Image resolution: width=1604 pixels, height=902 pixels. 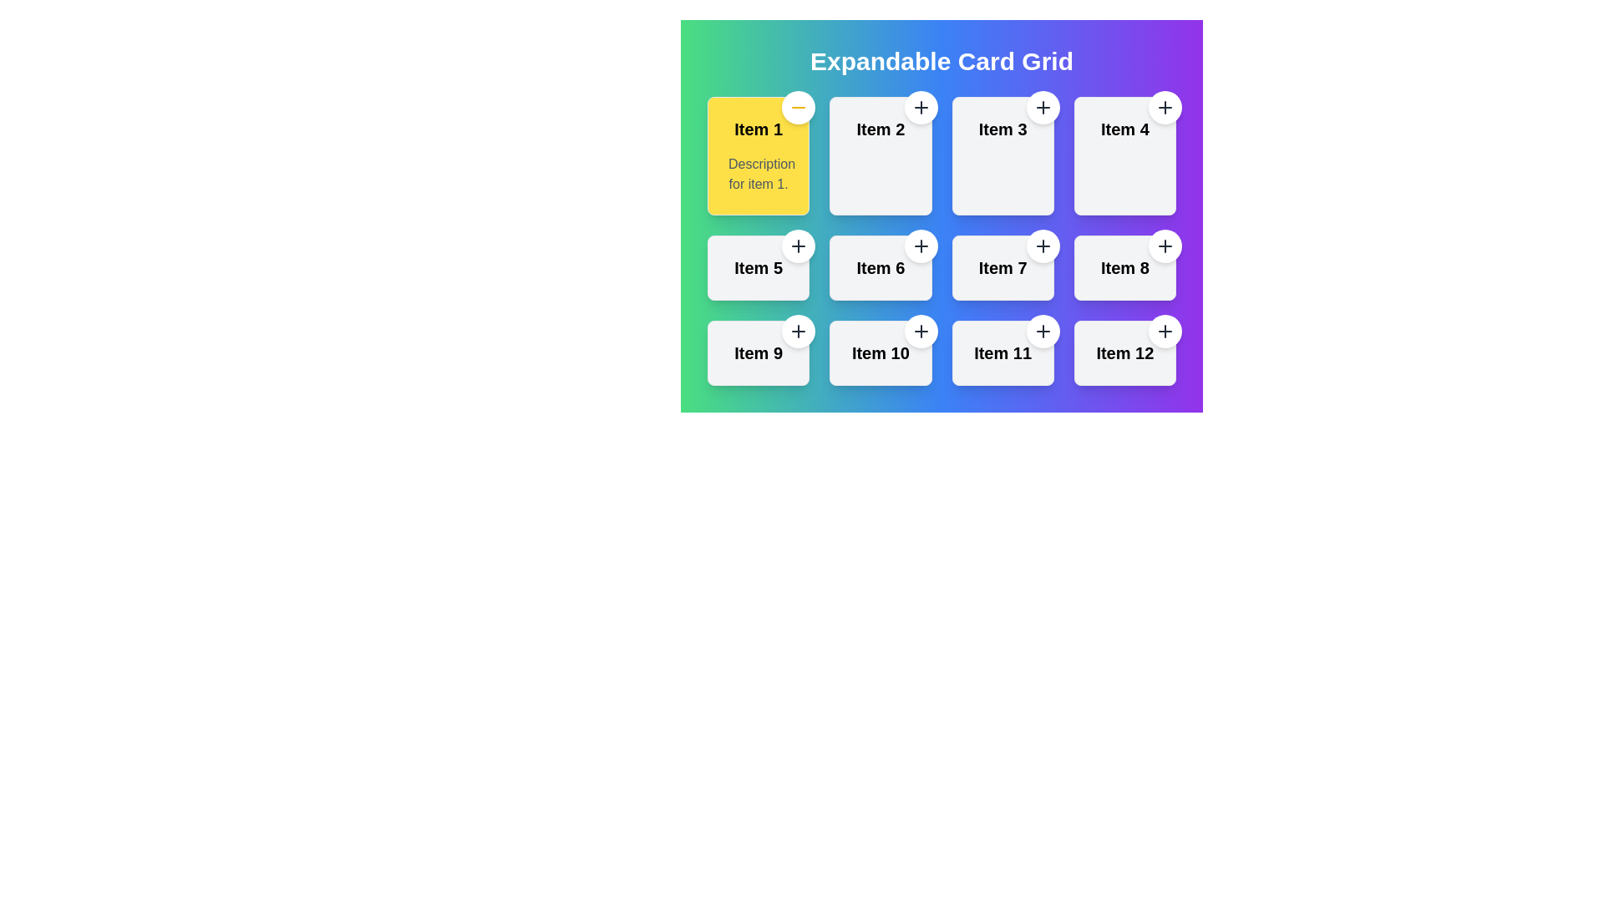 What do you see at coordinates (758, 266) in the screenshot?
I see `the text label displaying 'Item 5', which is styled with a bold font and is prominently placed in the fifth card of a 4x3 grid layout` at bounding box center [758, 266].